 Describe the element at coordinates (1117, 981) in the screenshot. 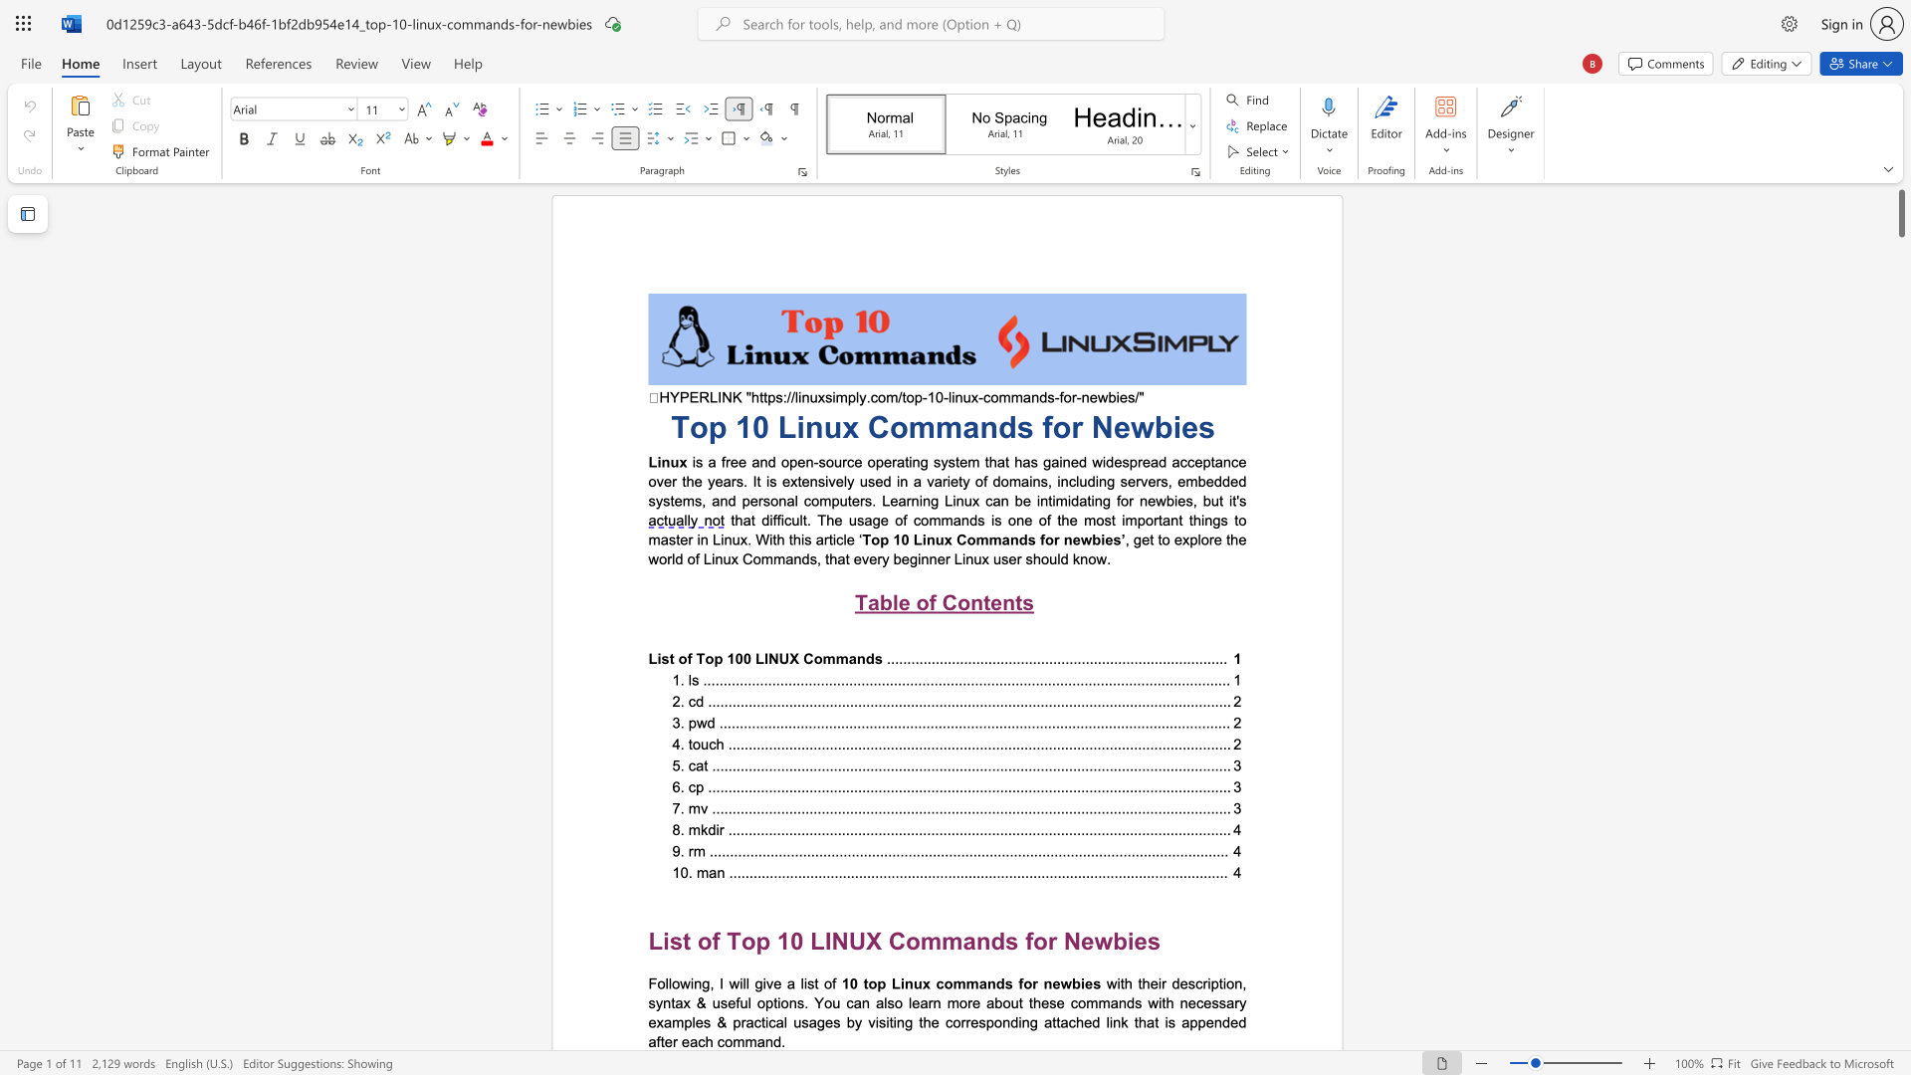

I see `the subset text "ith their description, syntax & useful options. You can also learn more about these commands with necessary examples & practical usages by visiting the corresponding attached link that is appended after each comman" within the text "with their description, syntax & useful options. You can also learn more about these commands with necessary examples & practical usages by visiting the corresponding attached link that is appended after each command."` at that location.